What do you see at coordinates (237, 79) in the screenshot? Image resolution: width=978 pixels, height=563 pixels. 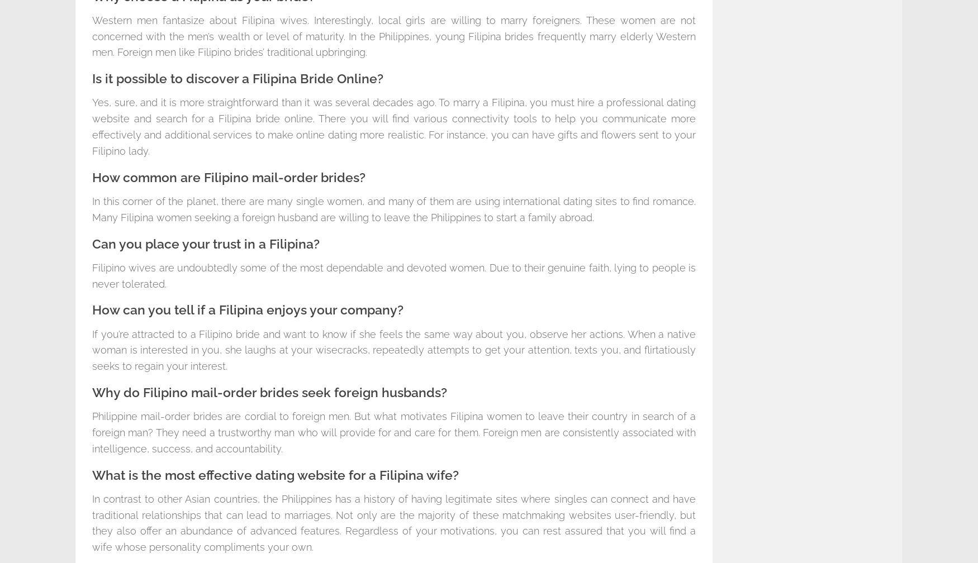 I see `'Is it possible to discover a Filipina Bride Online?'` at bounding box center [237, 79].